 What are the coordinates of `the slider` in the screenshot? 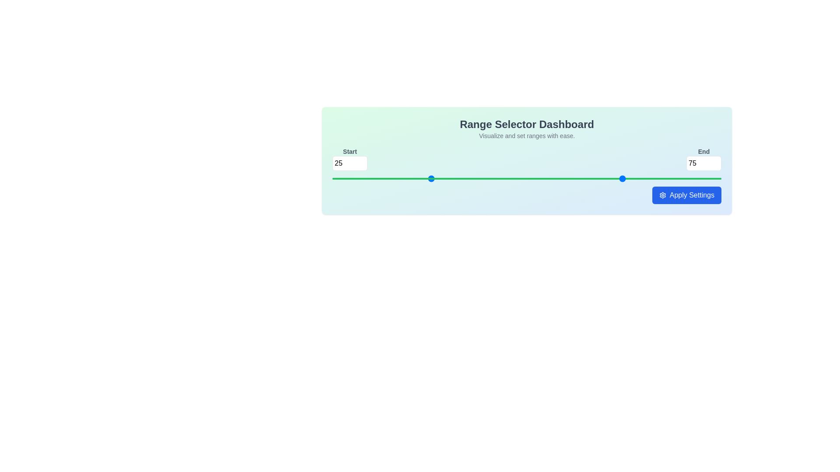 It's located at (616, 178).